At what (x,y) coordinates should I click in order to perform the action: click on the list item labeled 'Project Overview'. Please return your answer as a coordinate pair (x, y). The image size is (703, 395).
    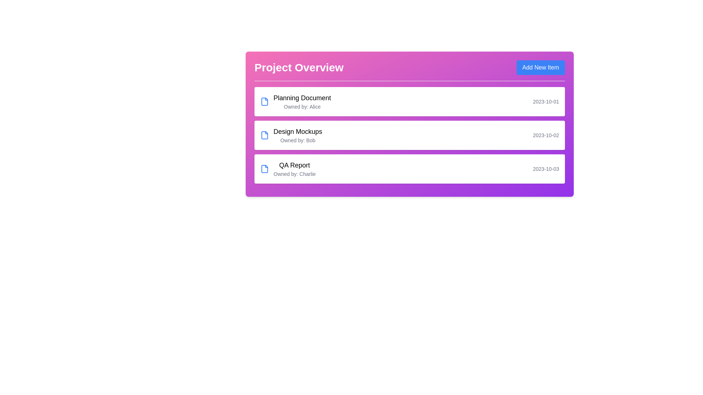
    Looking at the image, I should click on (409, 124).